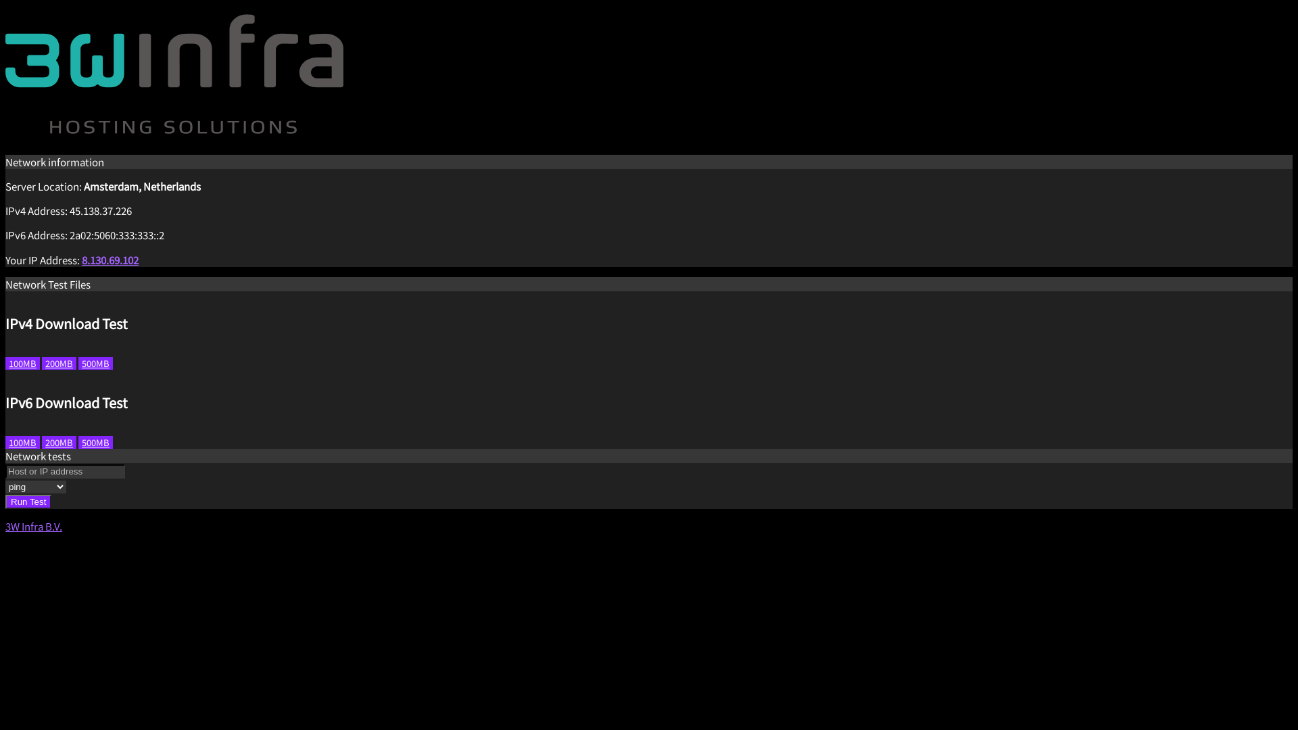  I want to click on '200MB', so click(58, 362).